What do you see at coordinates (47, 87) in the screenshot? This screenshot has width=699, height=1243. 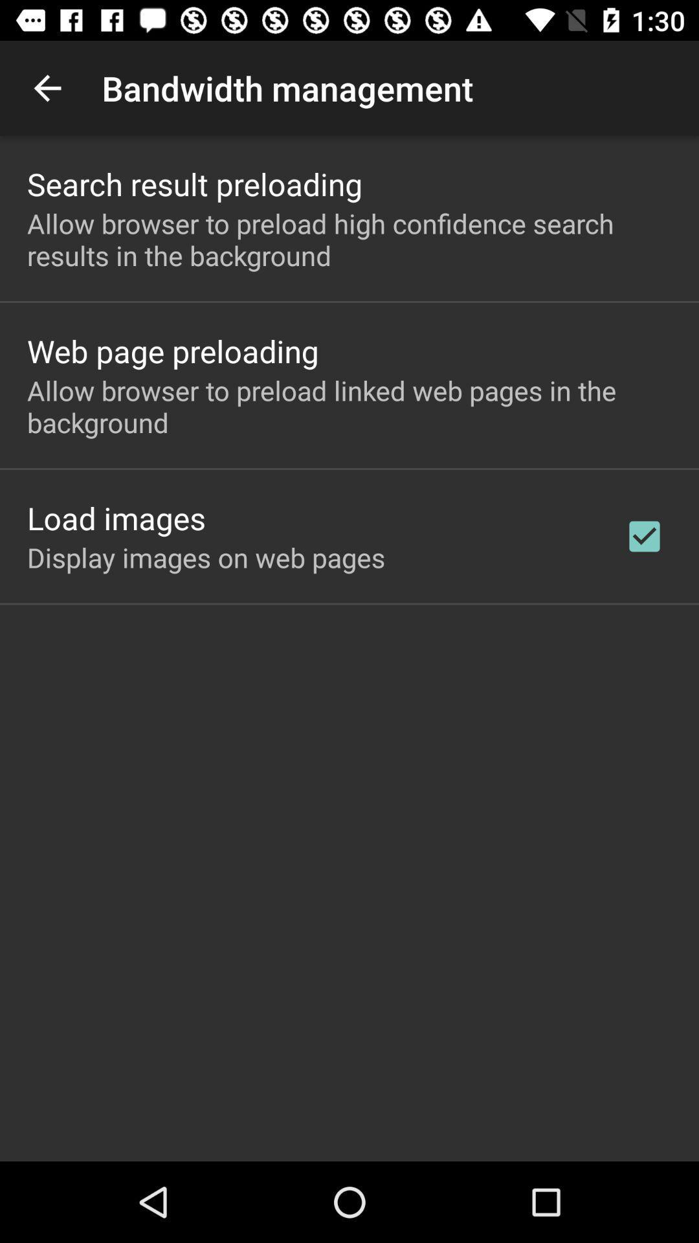 I see `the item above the search result preloading item` at bounding box center [47, 87].